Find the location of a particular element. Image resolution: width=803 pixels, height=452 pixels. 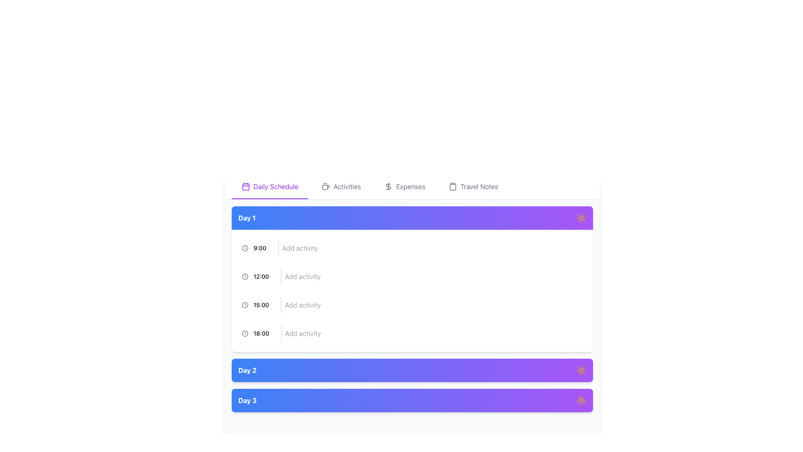

the clock icon located in the '15:00' row of the 'Day 1' section in the schedule planner interface is located at coordinates (244, 305).